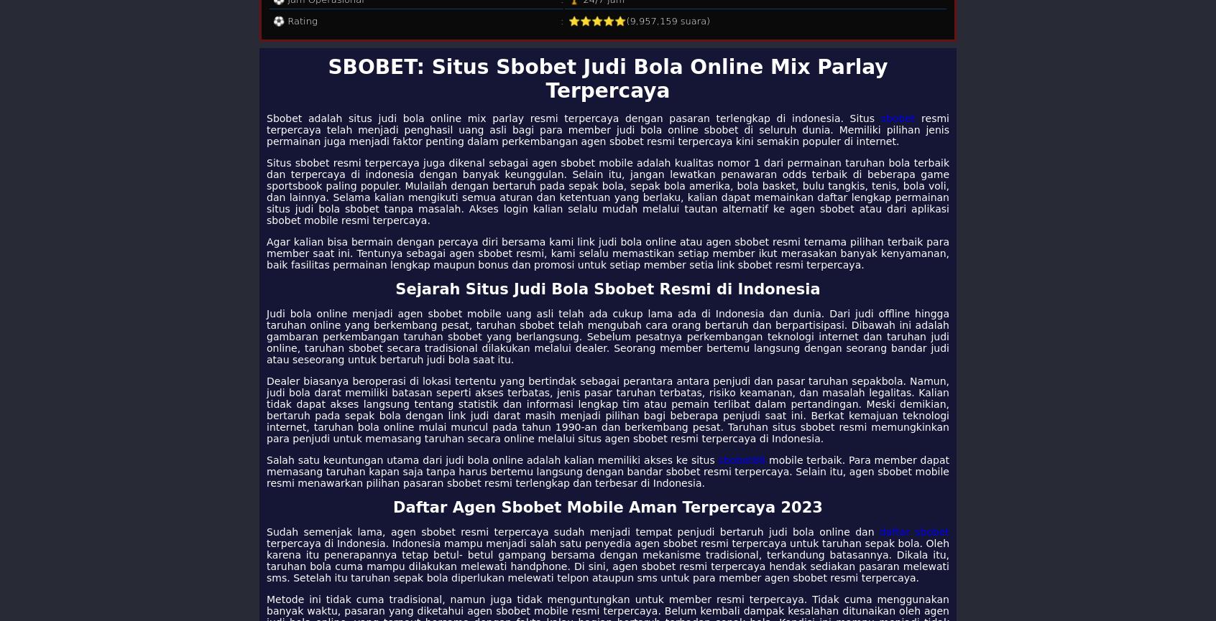 This screenshot has height=621, width=1216. I want to click on 'Agar kalian bisa bermain dengan percaya diri bersama kami link judi bola online atau agen sbobet resmi ternama pilihan terbaik para member saat ini. Tentunya sebagai agen sbobet resmi, kami selalu memastikan setiap member ikut merasakan banyak kenyamanan, baik fasilitas permainan lengkap maupun bonus dan promosi untuk setiap member setia link sbobet resmi terpercaya.', so click(608, 253).